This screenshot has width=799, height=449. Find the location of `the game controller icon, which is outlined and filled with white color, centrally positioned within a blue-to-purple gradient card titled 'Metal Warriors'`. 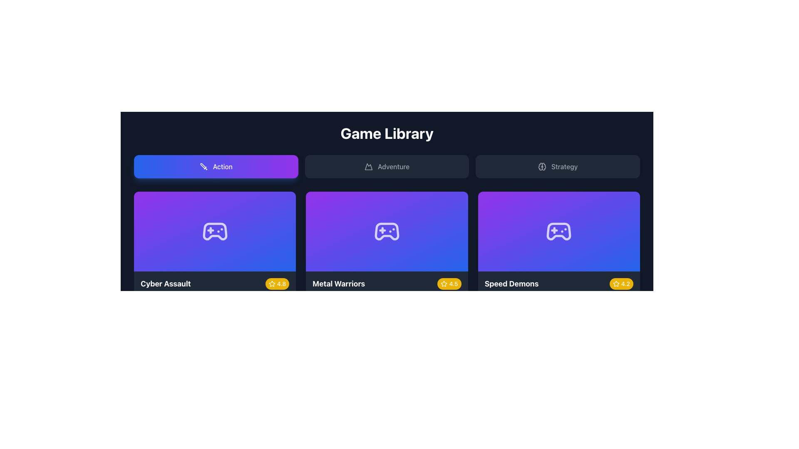

the game controller icon, which is outlined and filled with white color, centrally positioned within a blue-to-purple gradient card titled 'Metal Warriors' is located at coordinates (387, 231).